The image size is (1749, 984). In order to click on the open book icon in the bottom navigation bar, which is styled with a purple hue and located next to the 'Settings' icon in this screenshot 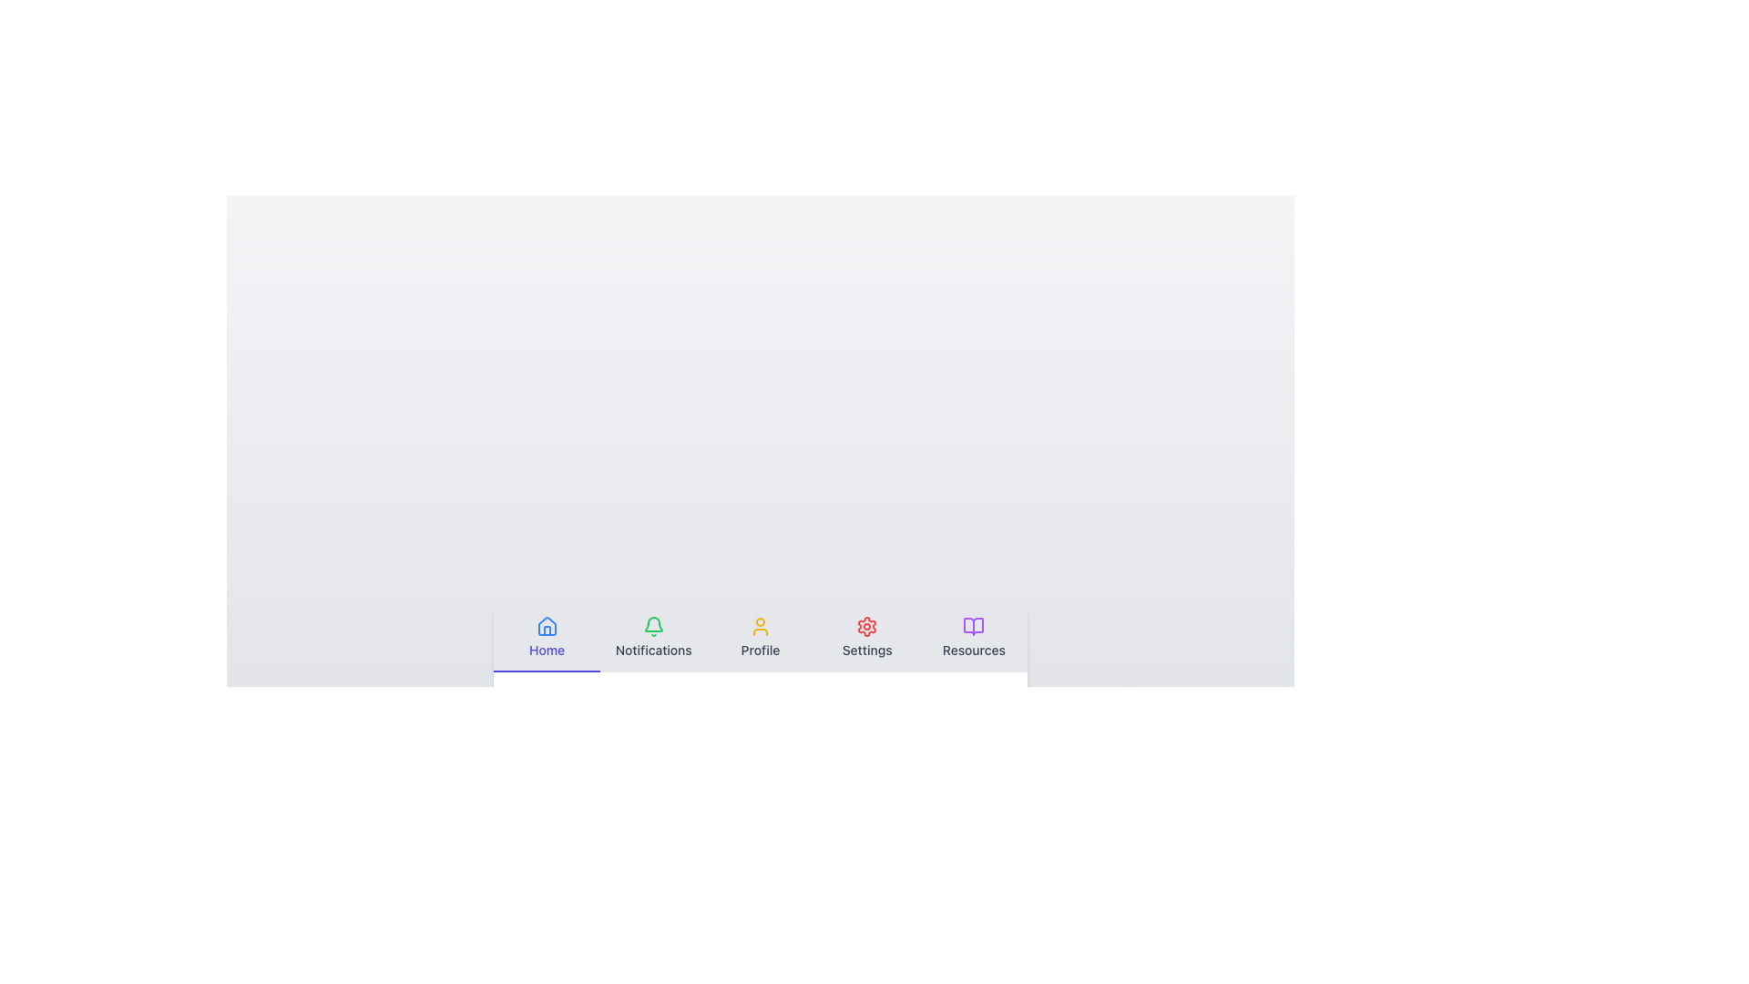, I will do `click(973, 625)`.